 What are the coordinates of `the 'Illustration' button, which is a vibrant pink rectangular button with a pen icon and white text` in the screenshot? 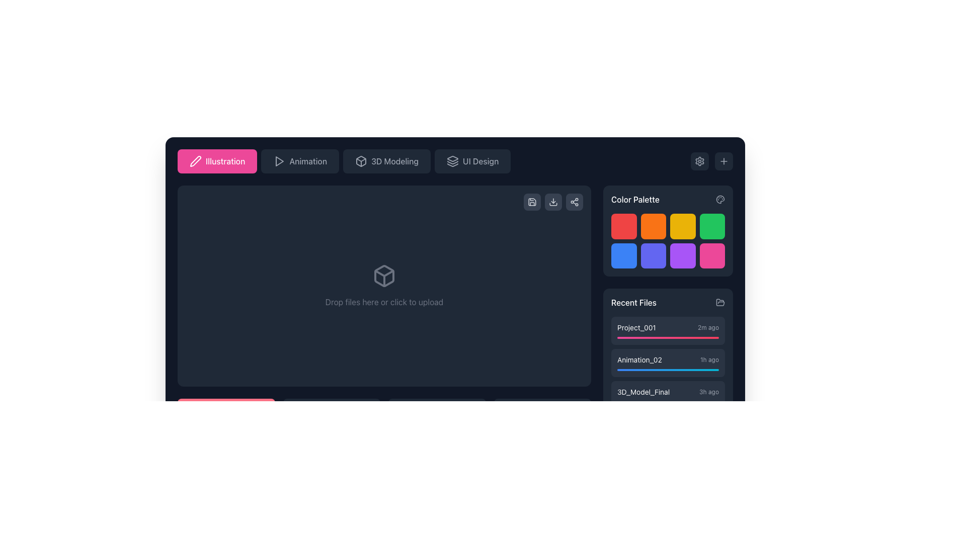 It's located at (217, 160).